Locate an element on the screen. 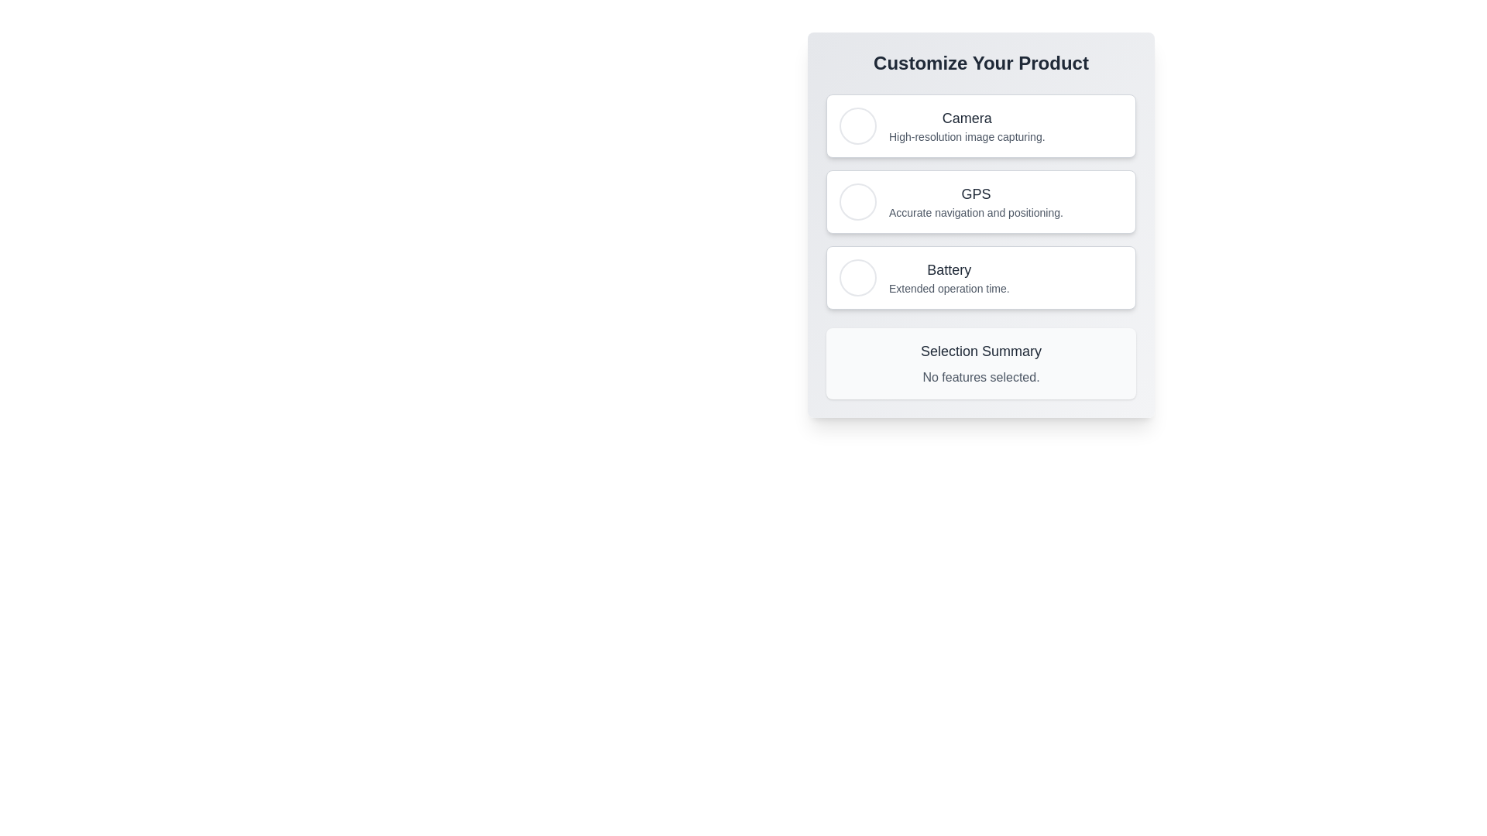 This screenshot has height=836, width=1487. the first selectable option for enabling high-resolution image capturing, located at the top of the list above 'GPS' and 'Battery' is located at coordinates (980, 125).